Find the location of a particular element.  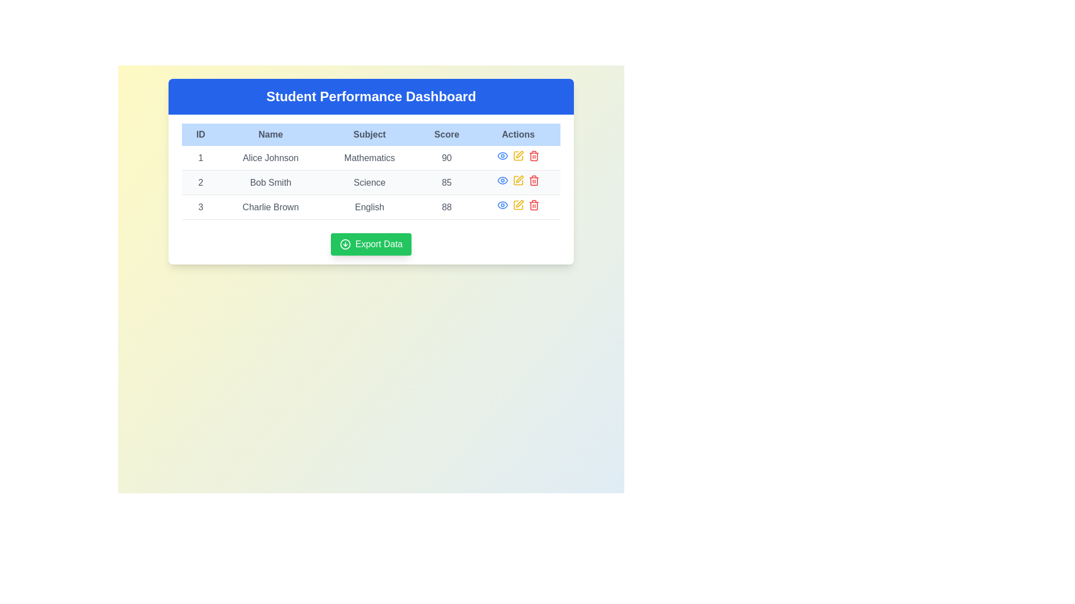

the red trash can icon button located in the fifth column of the Actions row, third row under the English subject is located at coordinates (533, 205).